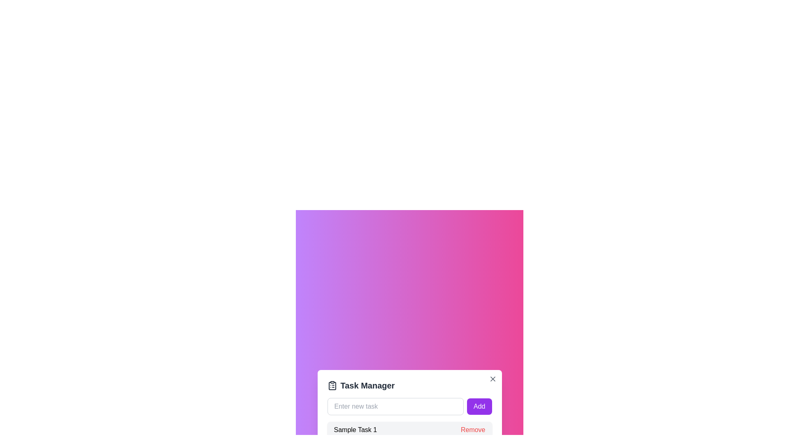  Describe the element at coordinates (355, 429) in the screenshot. I see `the 'Sample Task 1' text label to focus on it within the task management interface` at that location.